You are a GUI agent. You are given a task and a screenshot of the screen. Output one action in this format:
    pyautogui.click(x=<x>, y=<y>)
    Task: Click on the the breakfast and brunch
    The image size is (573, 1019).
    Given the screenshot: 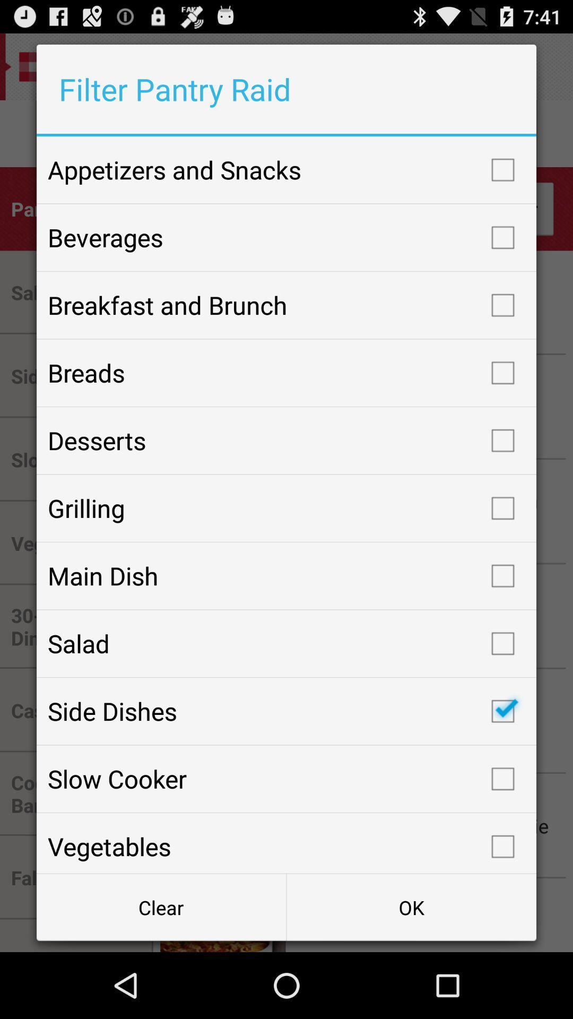 What is the action you would take?
    pyautogui.click(x=286, y=305)
    